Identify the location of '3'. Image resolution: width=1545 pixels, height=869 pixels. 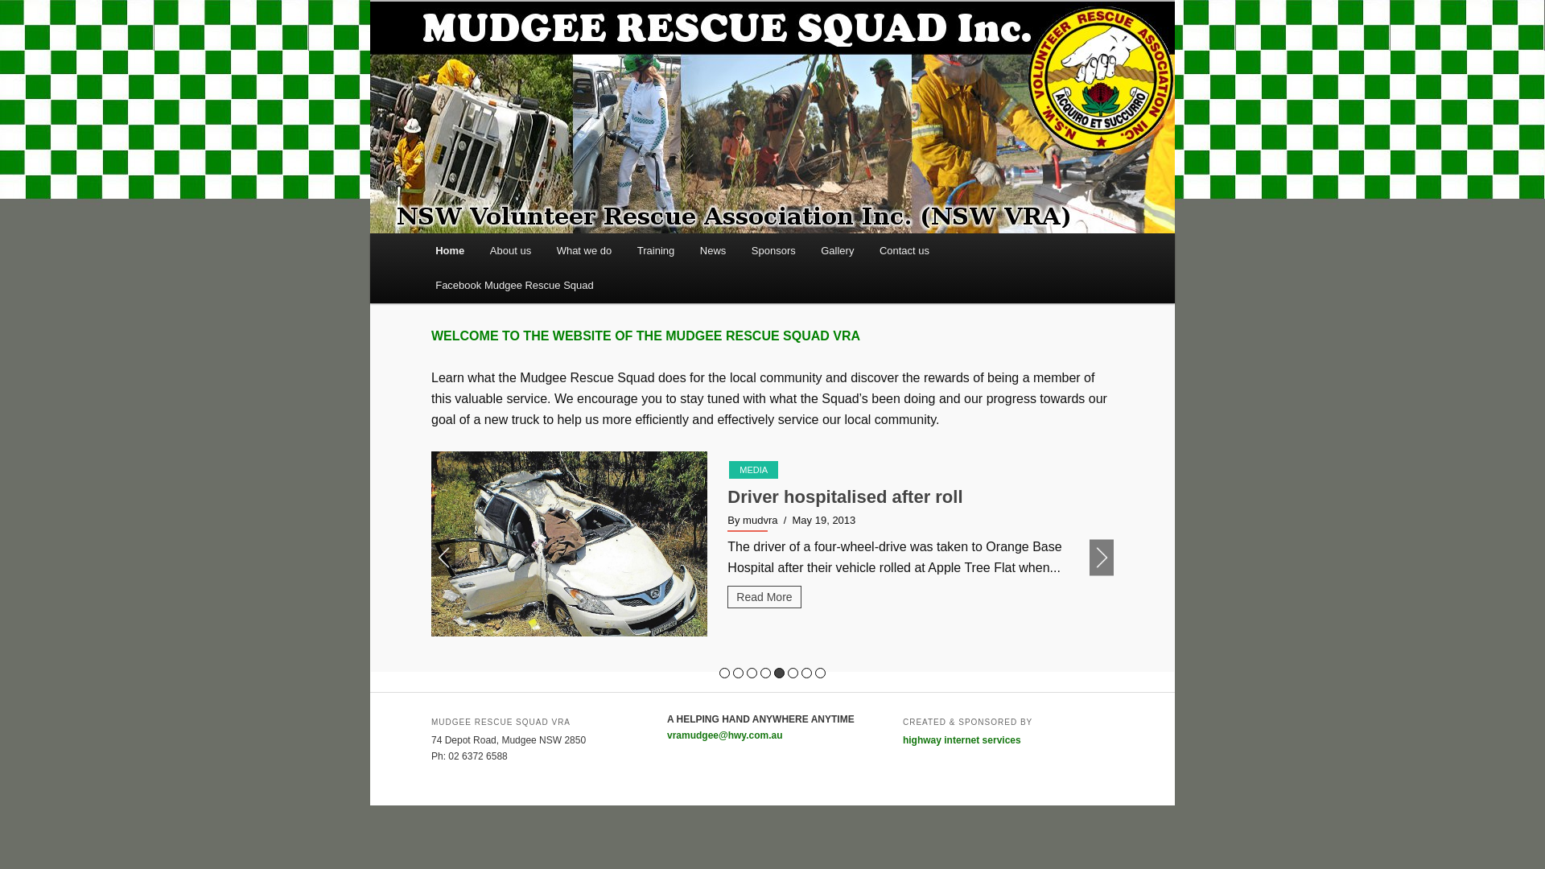
(751, 673).